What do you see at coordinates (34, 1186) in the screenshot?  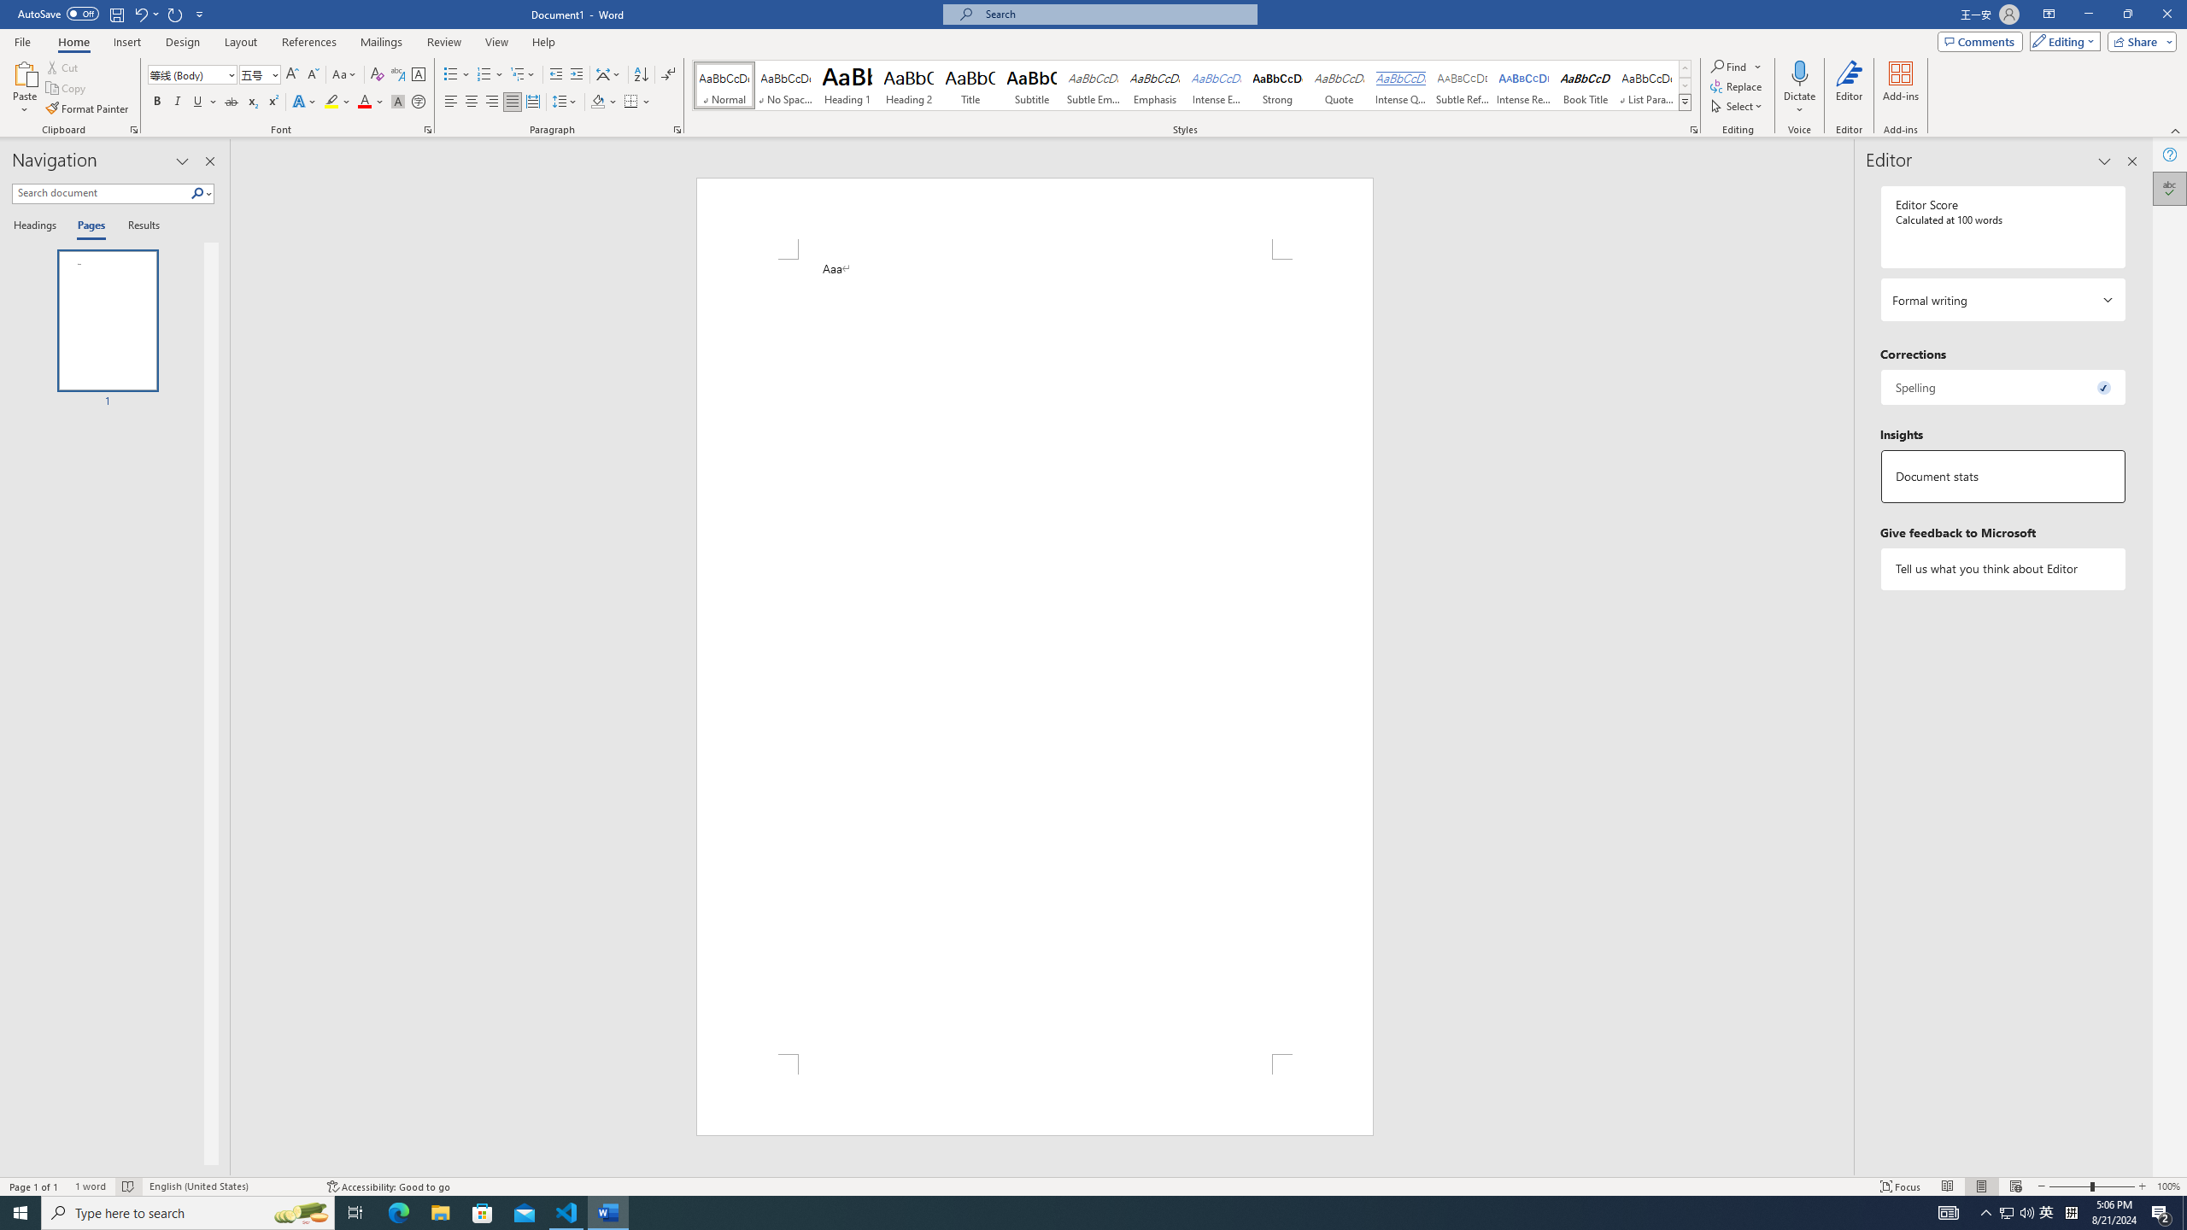 I see `'Page Number Page 1 of 1'` at bounding box center [34, 1186].